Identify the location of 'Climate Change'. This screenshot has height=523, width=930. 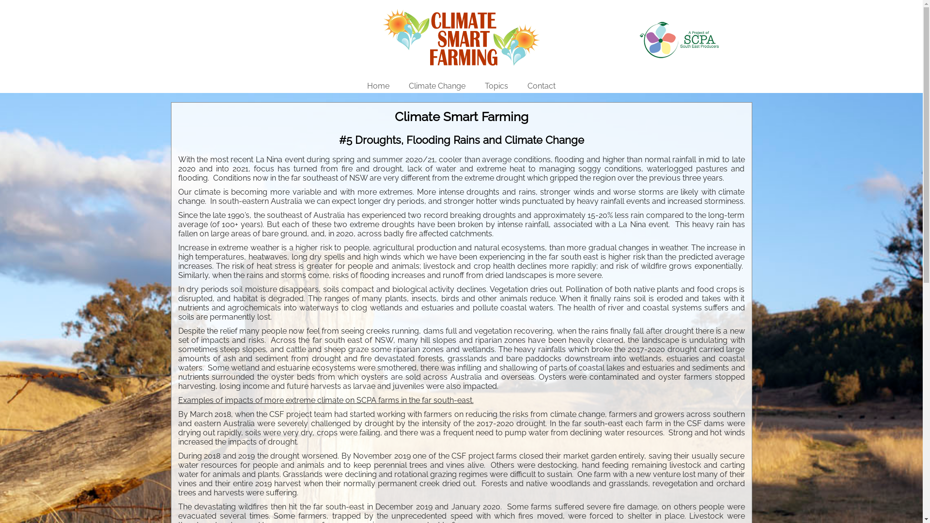
(436, 85).